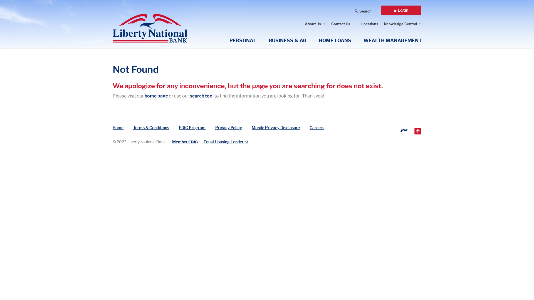 Image resolution: width=534 pixels, height=300 pixels. What do you see at coordinates (400, 130) in the screenshot?
I see `'Created by Banno'` at bounding box center [400, 130].